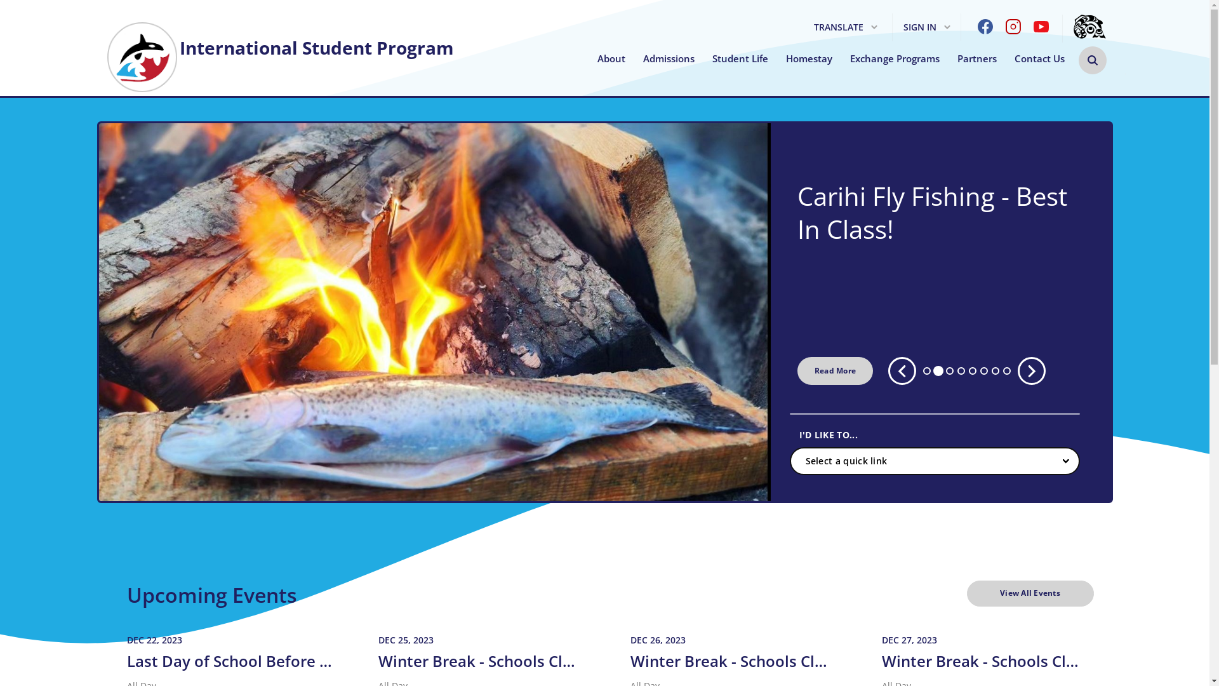 Image resolution: width=1219 pixels, height=686 pixels. I want to click on 'TRANSLATE', so click(846, 27).